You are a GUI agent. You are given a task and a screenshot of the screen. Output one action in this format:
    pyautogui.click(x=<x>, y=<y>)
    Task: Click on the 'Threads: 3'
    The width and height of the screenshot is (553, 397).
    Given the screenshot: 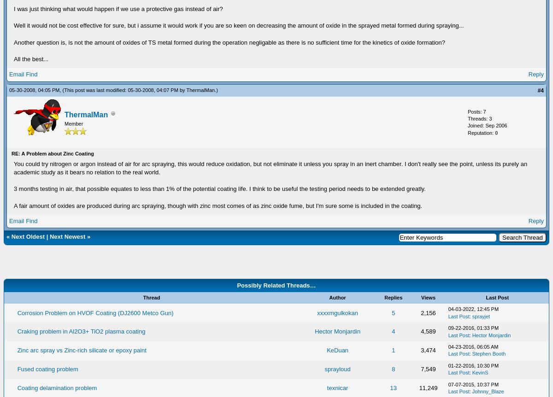 What is the action you would take?
    pyautogui.click(x=480, y=118)
    